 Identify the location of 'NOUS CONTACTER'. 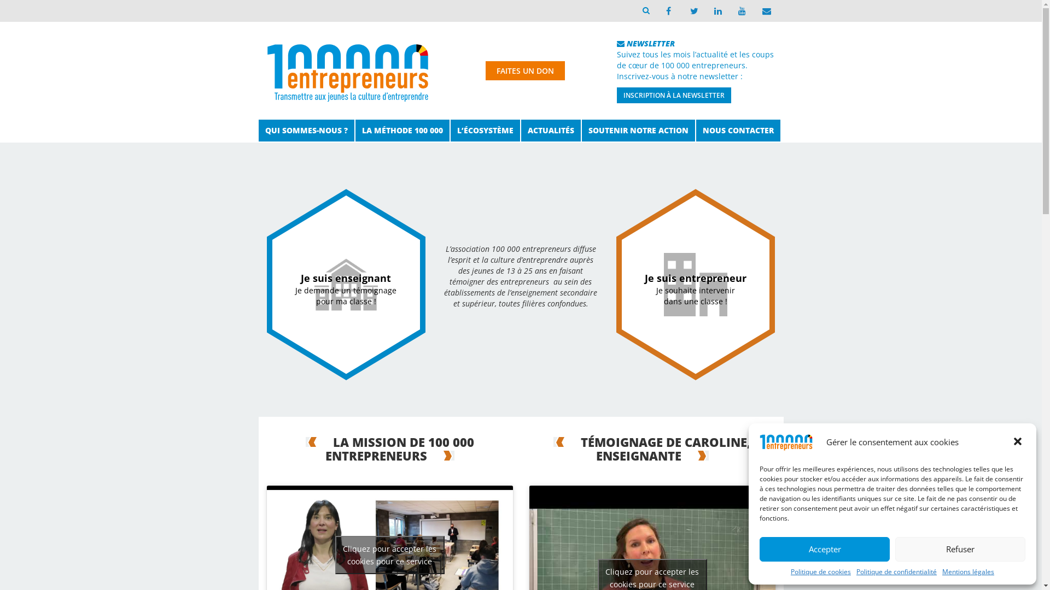
(737, 130).